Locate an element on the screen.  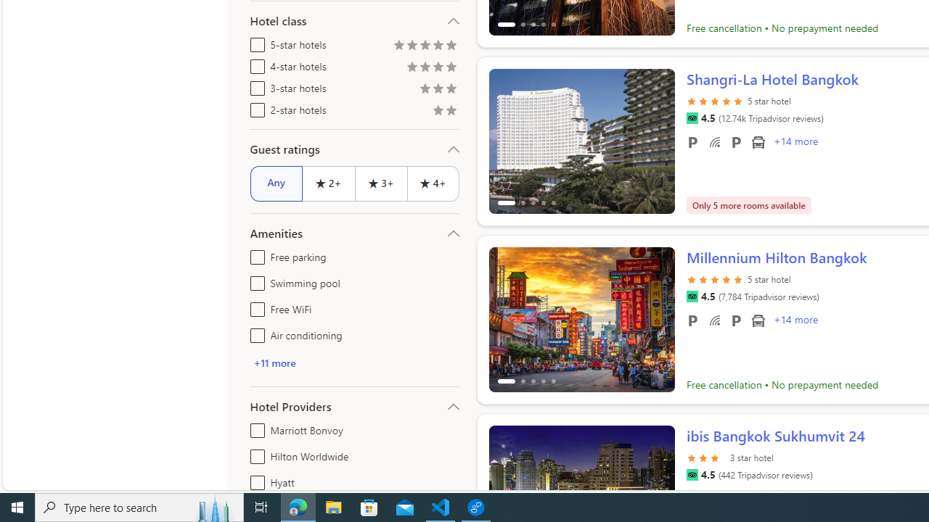
'Tripadvisor' is located at coordinates (691, 475).